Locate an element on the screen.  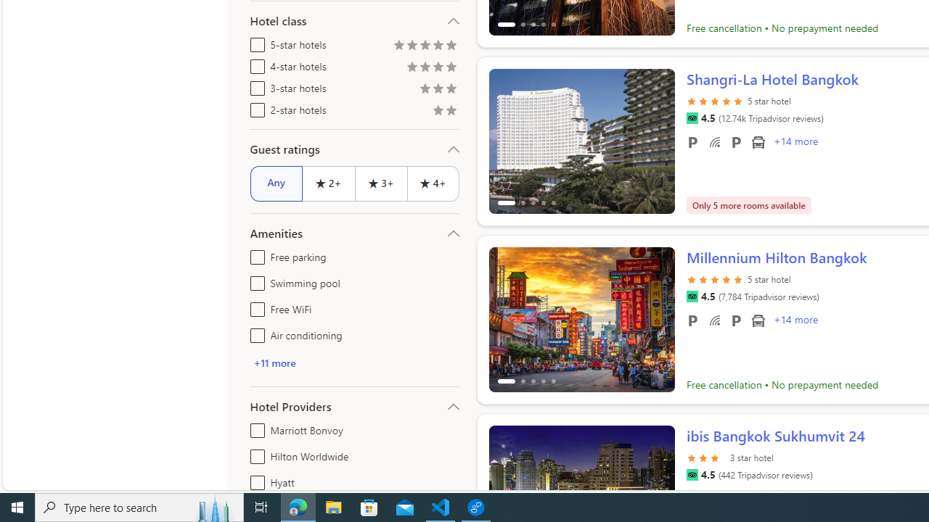
'Tripadvisor' is located at coordinates (691, 475).